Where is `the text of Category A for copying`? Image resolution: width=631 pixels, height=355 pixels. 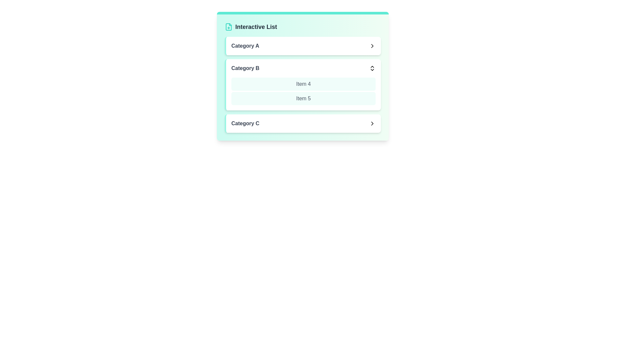
the text of Category A for copying is located at coordinates (245, 45).